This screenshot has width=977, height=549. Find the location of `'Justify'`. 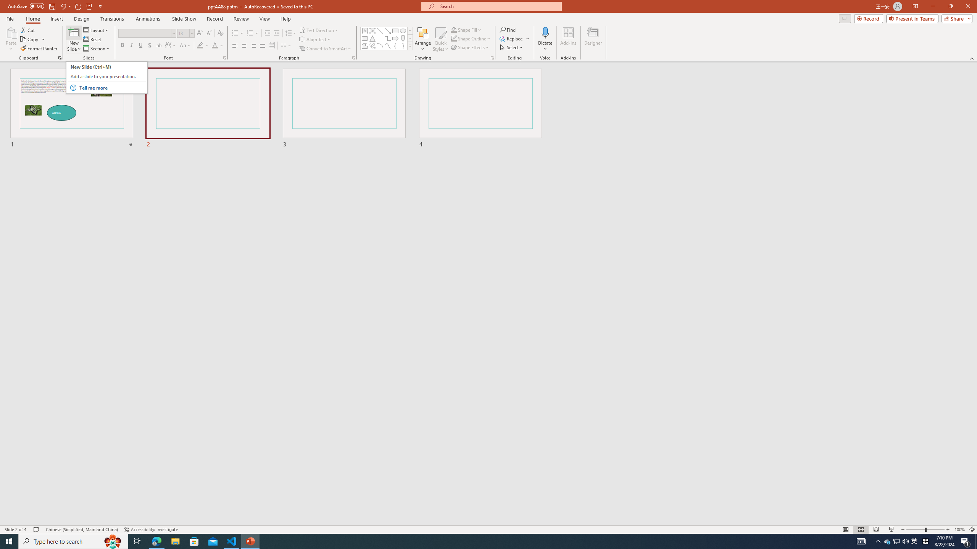

'Justify' is located at coordinates (262, 45).